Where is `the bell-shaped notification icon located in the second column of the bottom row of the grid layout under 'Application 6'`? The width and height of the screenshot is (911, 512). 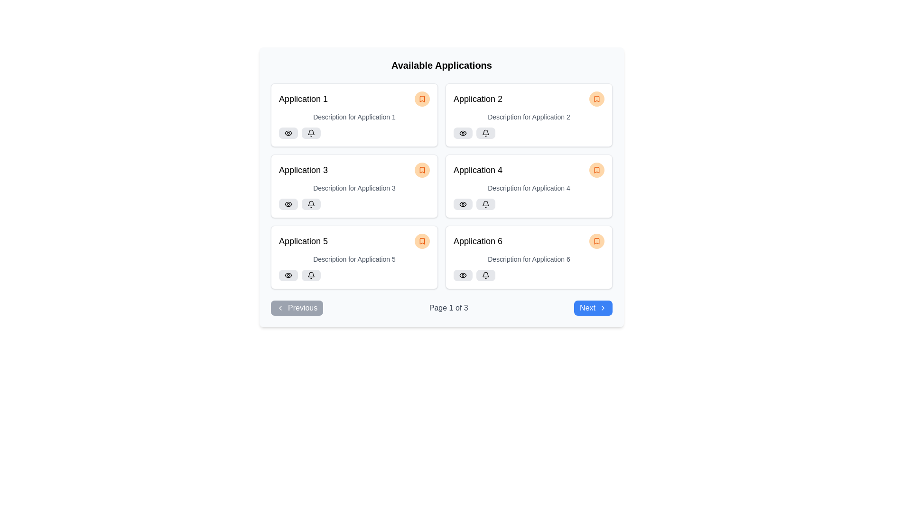 the bell-shaped notification icon located in the second column of the bottom row of the grid layout under 'Application 6' is located at coordinates (485, 275).